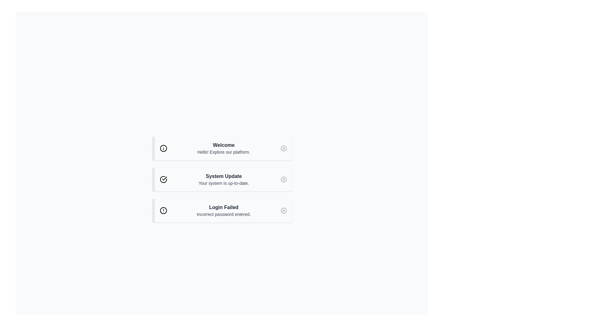 Image resolution: width=598 pixels, height=336 pixels. Describe the element at coordinates (224, 152) in the screenshot. I see `the text element reading 'Hello! Explore our platform.' which is styled in light gray and positioned below the bold 'Welcome' text within its rectangular card` at that location.